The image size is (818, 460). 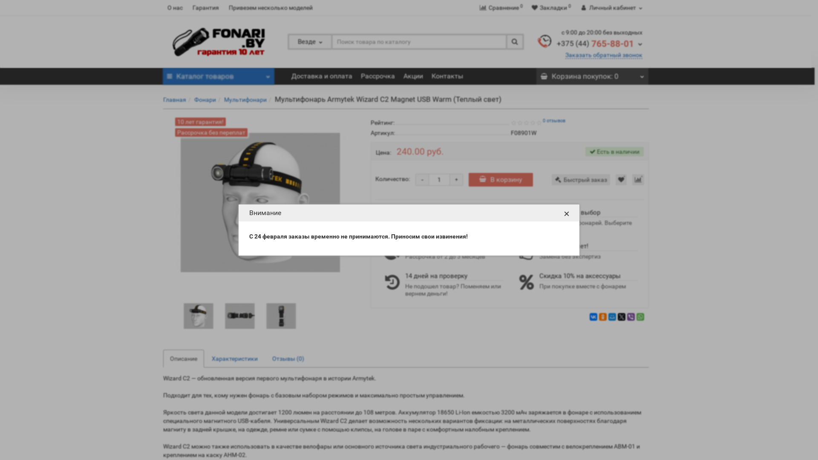 I want to click on '+375 (44) 765-88-01', so click(x=599, y=43).